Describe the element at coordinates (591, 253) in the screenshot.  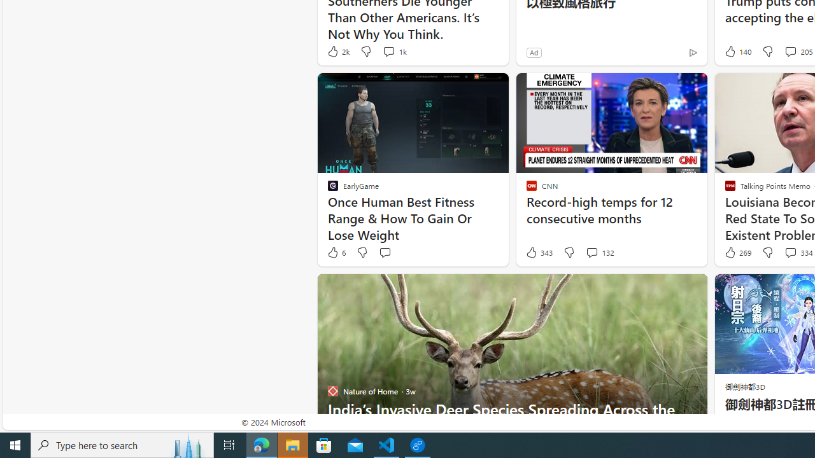
I see `'View comments 132 Comment'` at that location.